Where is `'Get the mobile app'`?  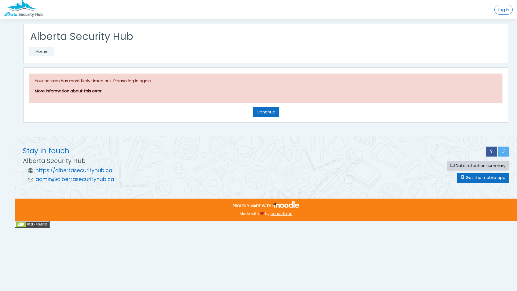 'Get the mobile app' is located at coordinates (457, 178).